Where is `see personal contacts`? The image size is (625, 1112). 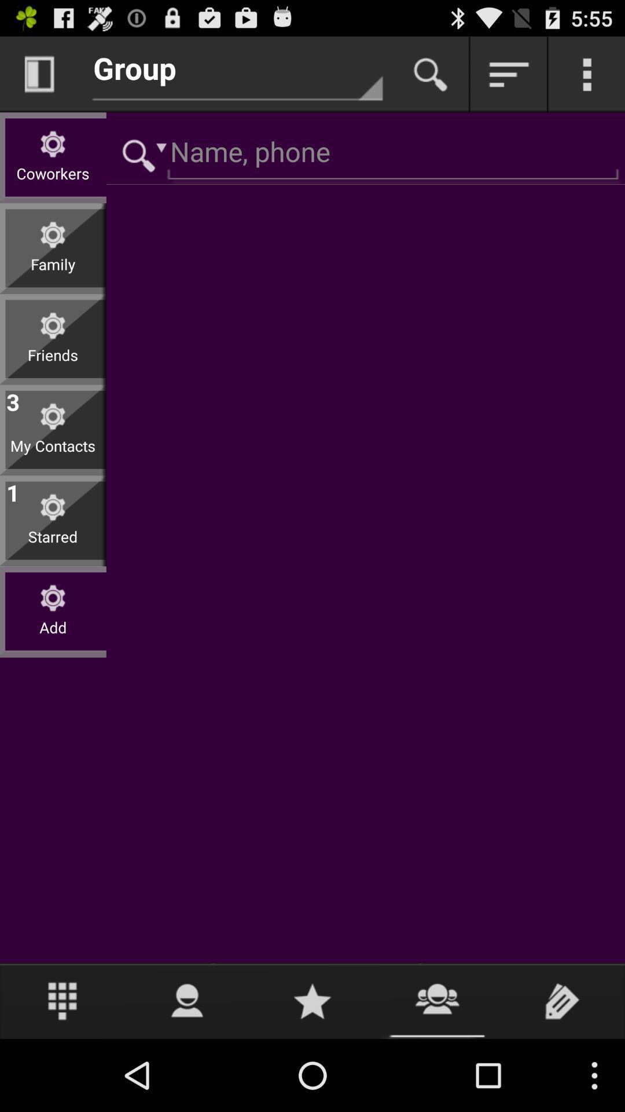 see personal contacts is located at coordinates (187, 1000).